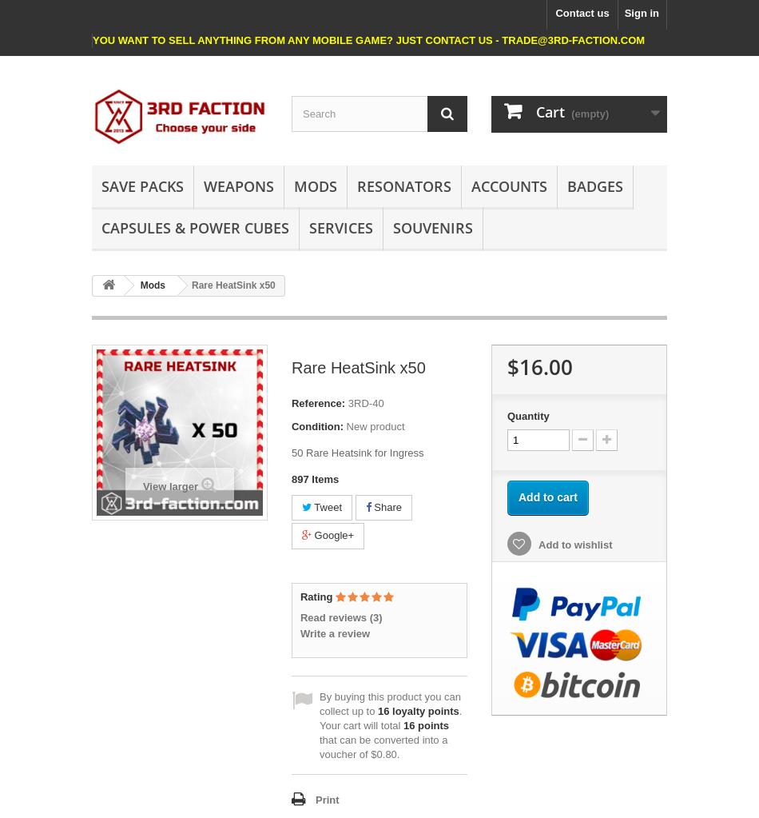 Image resolution: width=759 pixels, height=818 pixels. What do you see at coordinates (101, 185) in the screenshot?
I see `'Save Packs'` at bounding box center [101, 185].